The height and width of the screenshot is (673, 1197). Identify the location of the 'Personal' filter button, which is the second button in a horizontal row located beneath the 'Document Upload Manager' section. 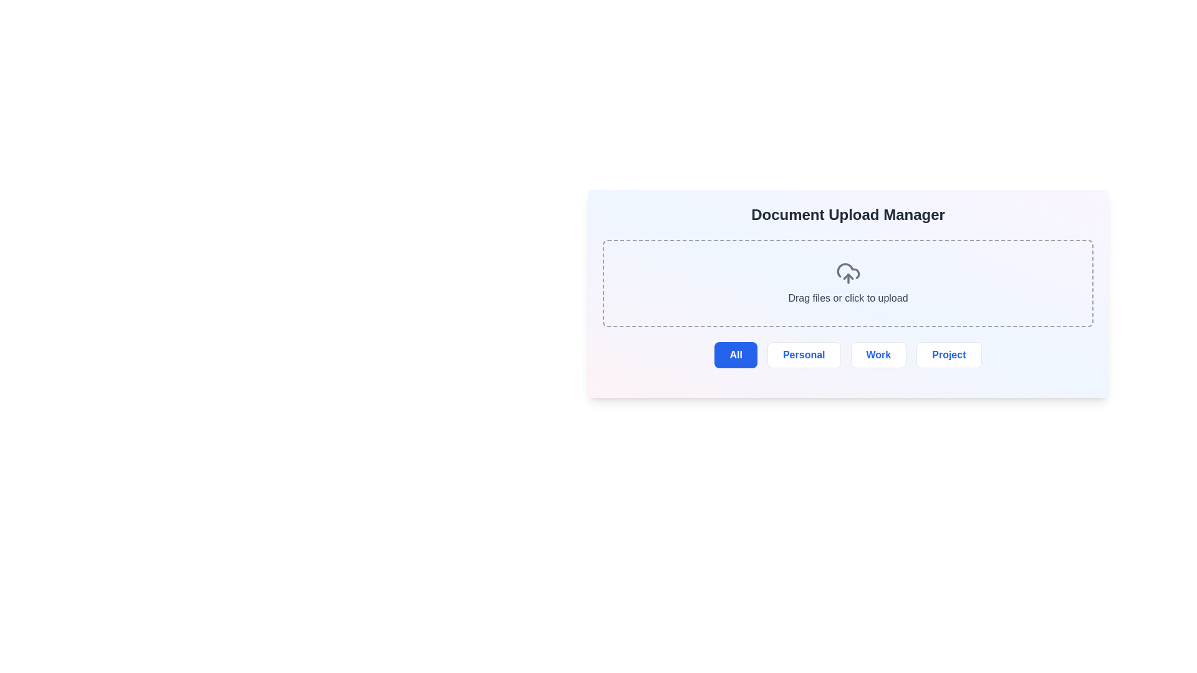
(804, 355).